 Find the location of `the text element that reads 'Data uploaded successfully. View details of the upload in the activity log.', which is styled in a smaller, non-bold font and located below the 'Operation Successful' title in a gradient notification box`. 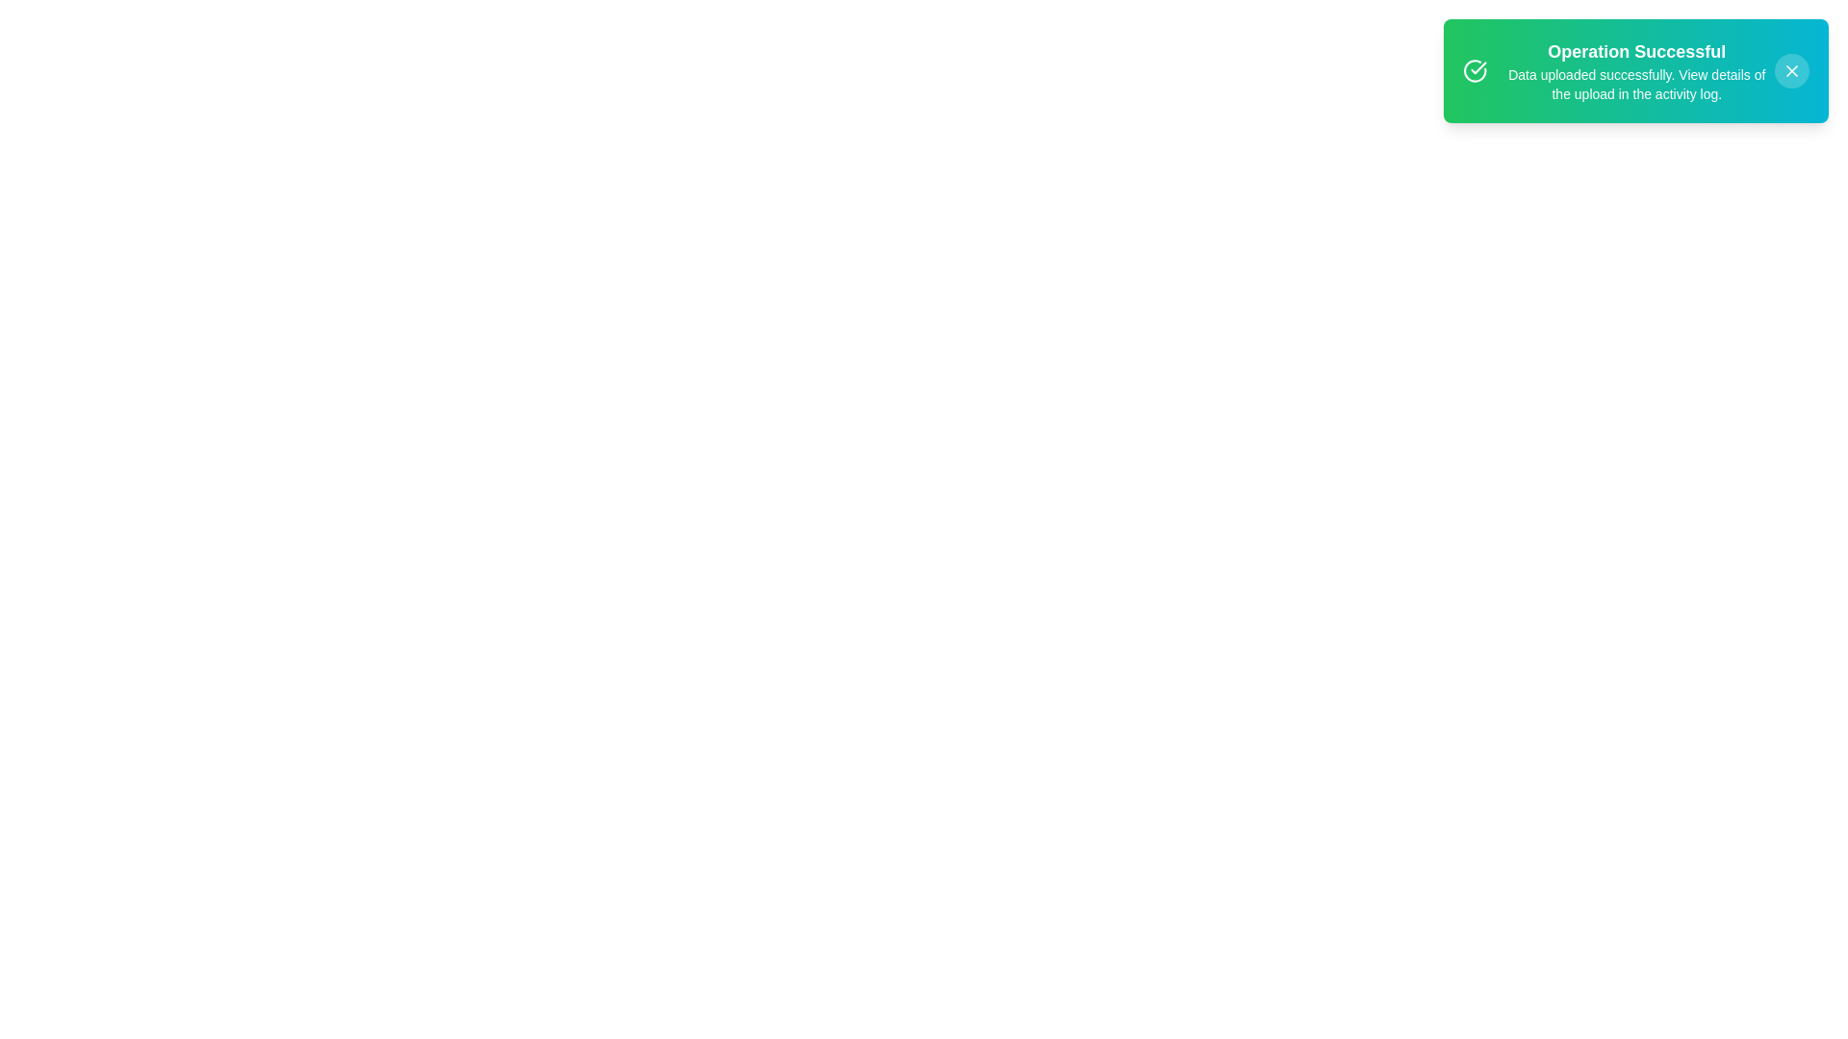

the text element that reads 'Data uploaded successfully. View details of the upload in the activity log.', which is styled in a smaller, non-bold font and located below the 'Operation Successful' title in a gradient notification box is located at coordinates (1635, 84).